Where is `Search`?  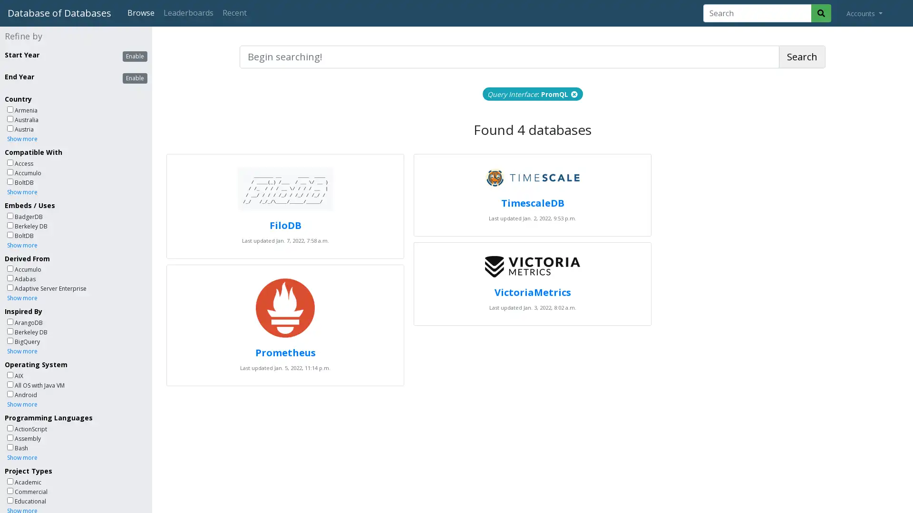 Search is located at coordinates (802, 57).